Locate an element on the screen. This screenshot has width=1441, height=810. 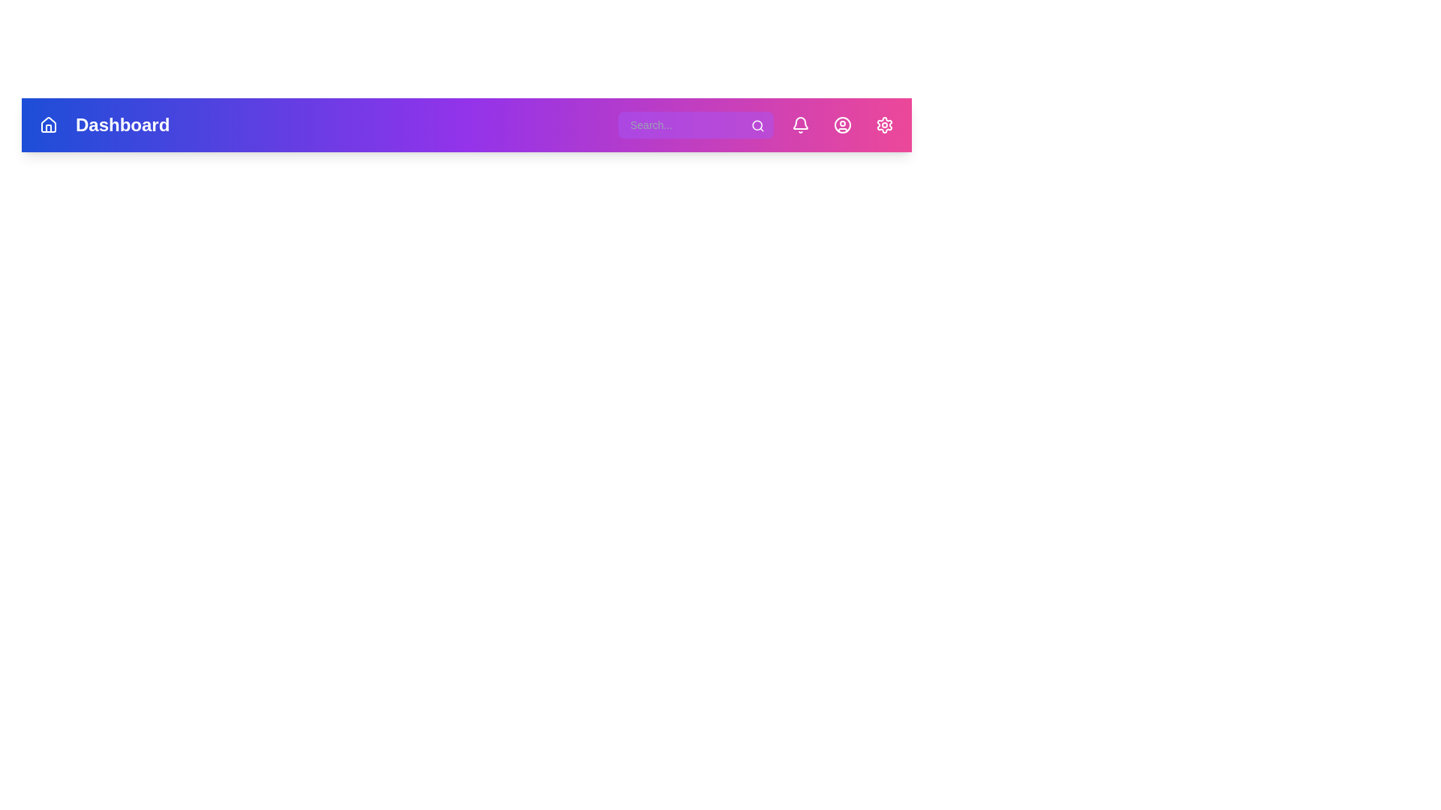
the button labeled 'Home' is located at coordinates (49, 124).